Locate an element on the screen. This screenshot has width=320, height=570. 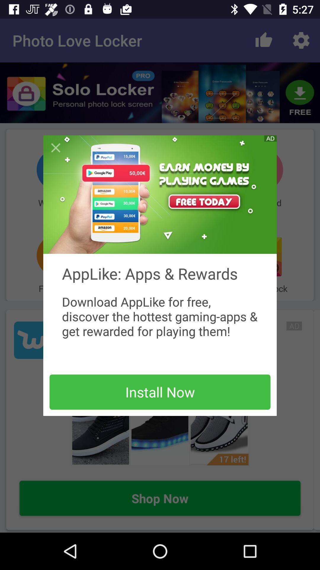
will close the pop up is located at coordinates (56, 148).